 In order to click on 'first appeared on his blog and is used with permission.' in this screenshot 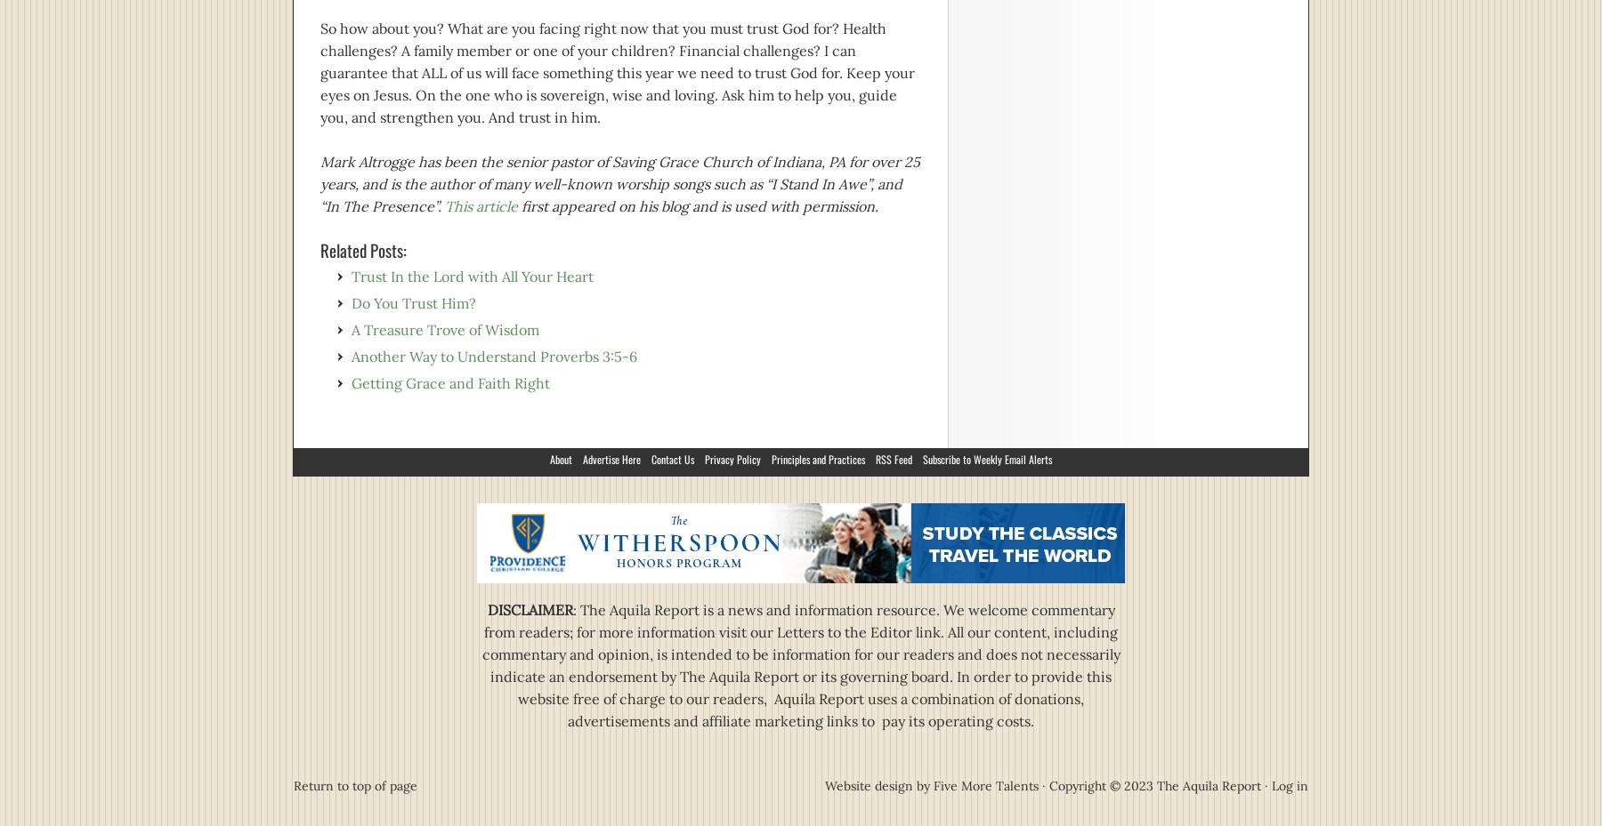, I will do `click(517, 204)`.